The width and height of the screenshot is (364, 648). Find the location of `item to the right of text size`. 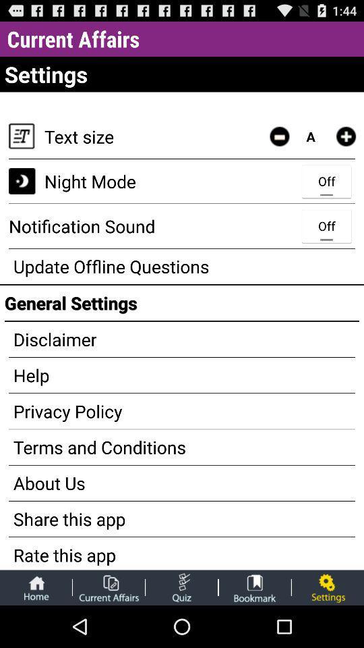

item to the right of text size is located at coordinates (278, 136).